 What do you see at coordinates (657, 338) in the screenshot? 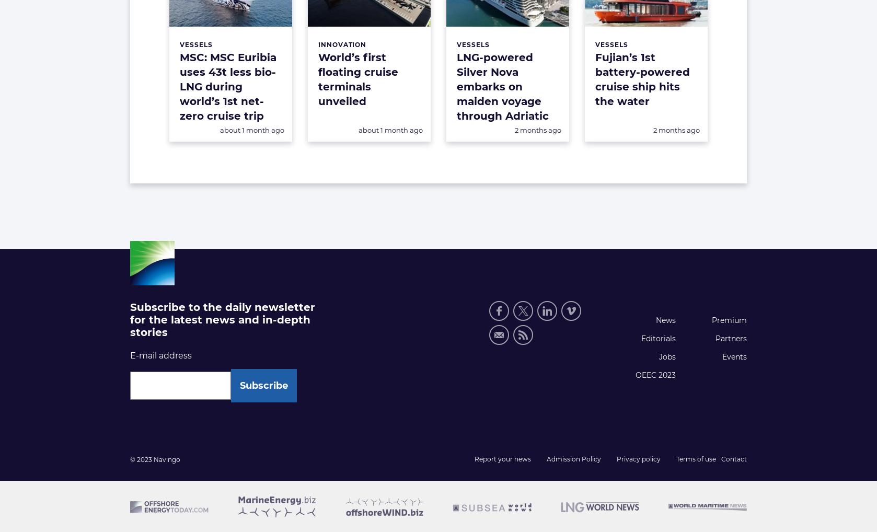
I see `'Editorials'` at bounding box center [657, 338].